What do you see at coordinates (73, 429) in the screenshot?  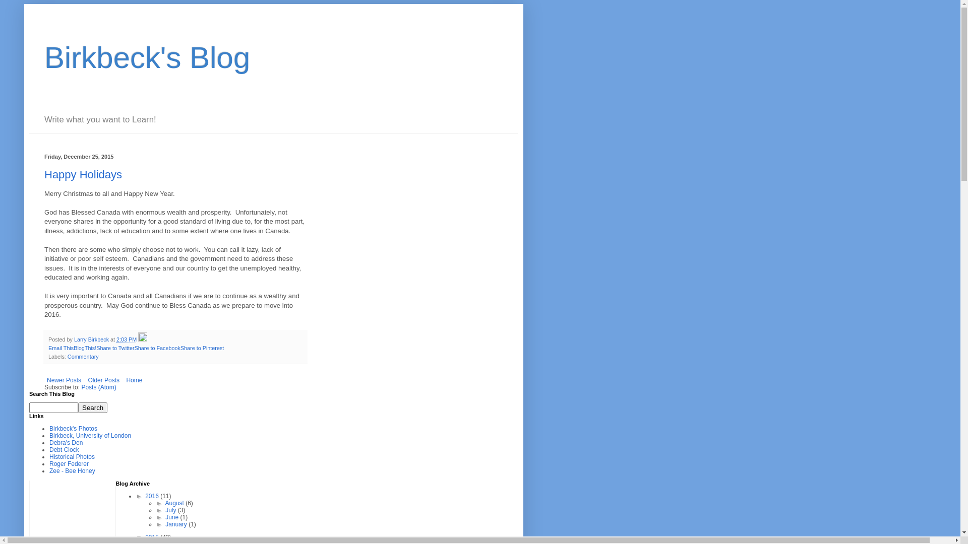 I see `'Birkbeck's Photos'` at bounding box center [73, 429].